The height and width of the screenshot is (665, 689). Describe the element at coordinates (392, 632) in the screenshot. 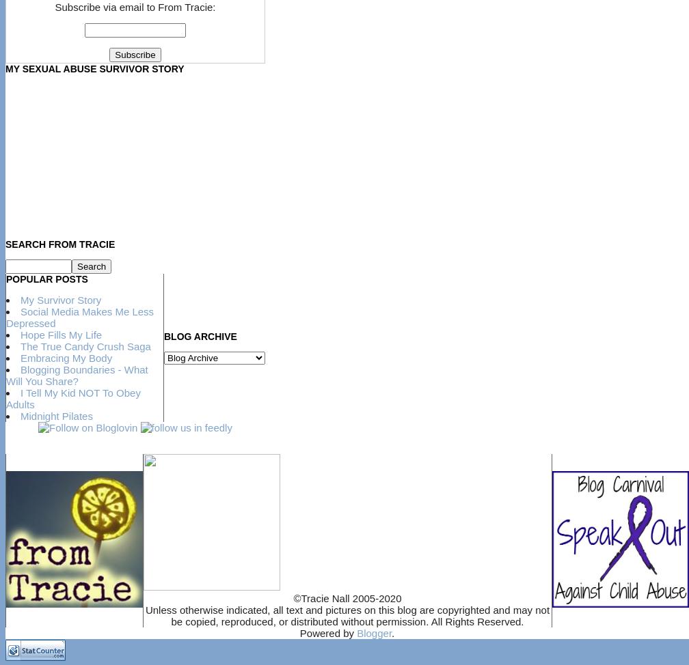

I see `'.'` at that location.